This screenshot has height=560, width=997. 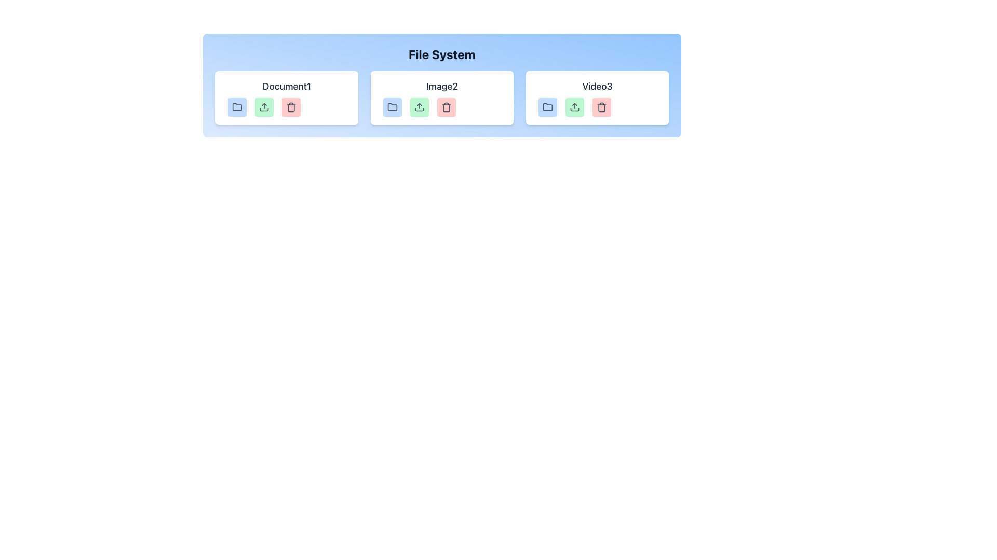 What do you see at coordinates (392, 107) in the screenshot?
I see `the folder icon located directly below the label 'Image2' in the horizontal layout` at bounding box center [392, 107].